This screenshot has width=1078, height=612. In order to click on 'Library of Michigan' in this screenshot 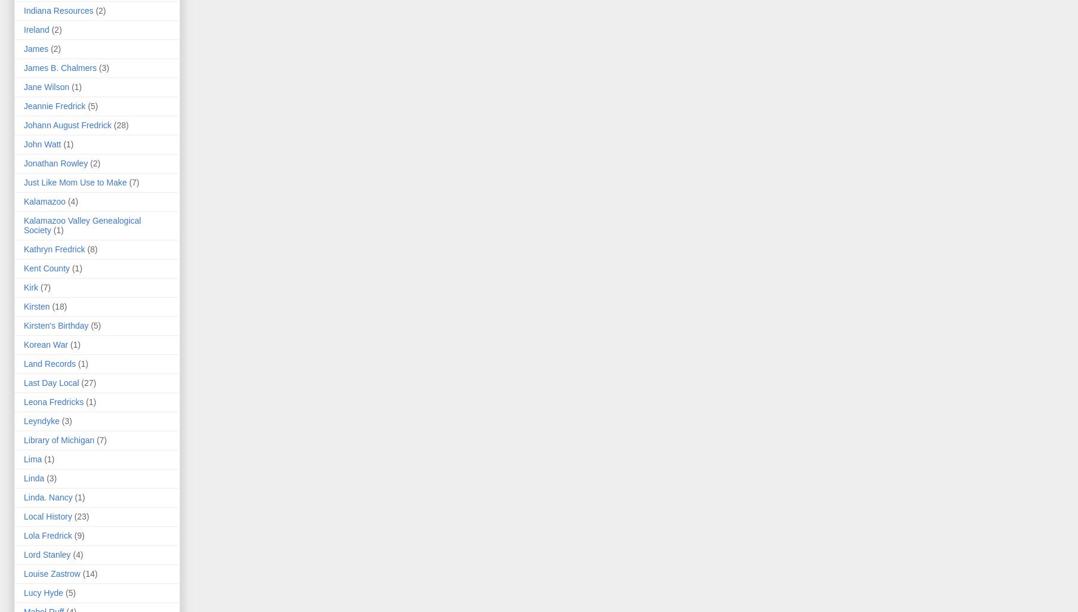, I will do `click(58, 440)`.